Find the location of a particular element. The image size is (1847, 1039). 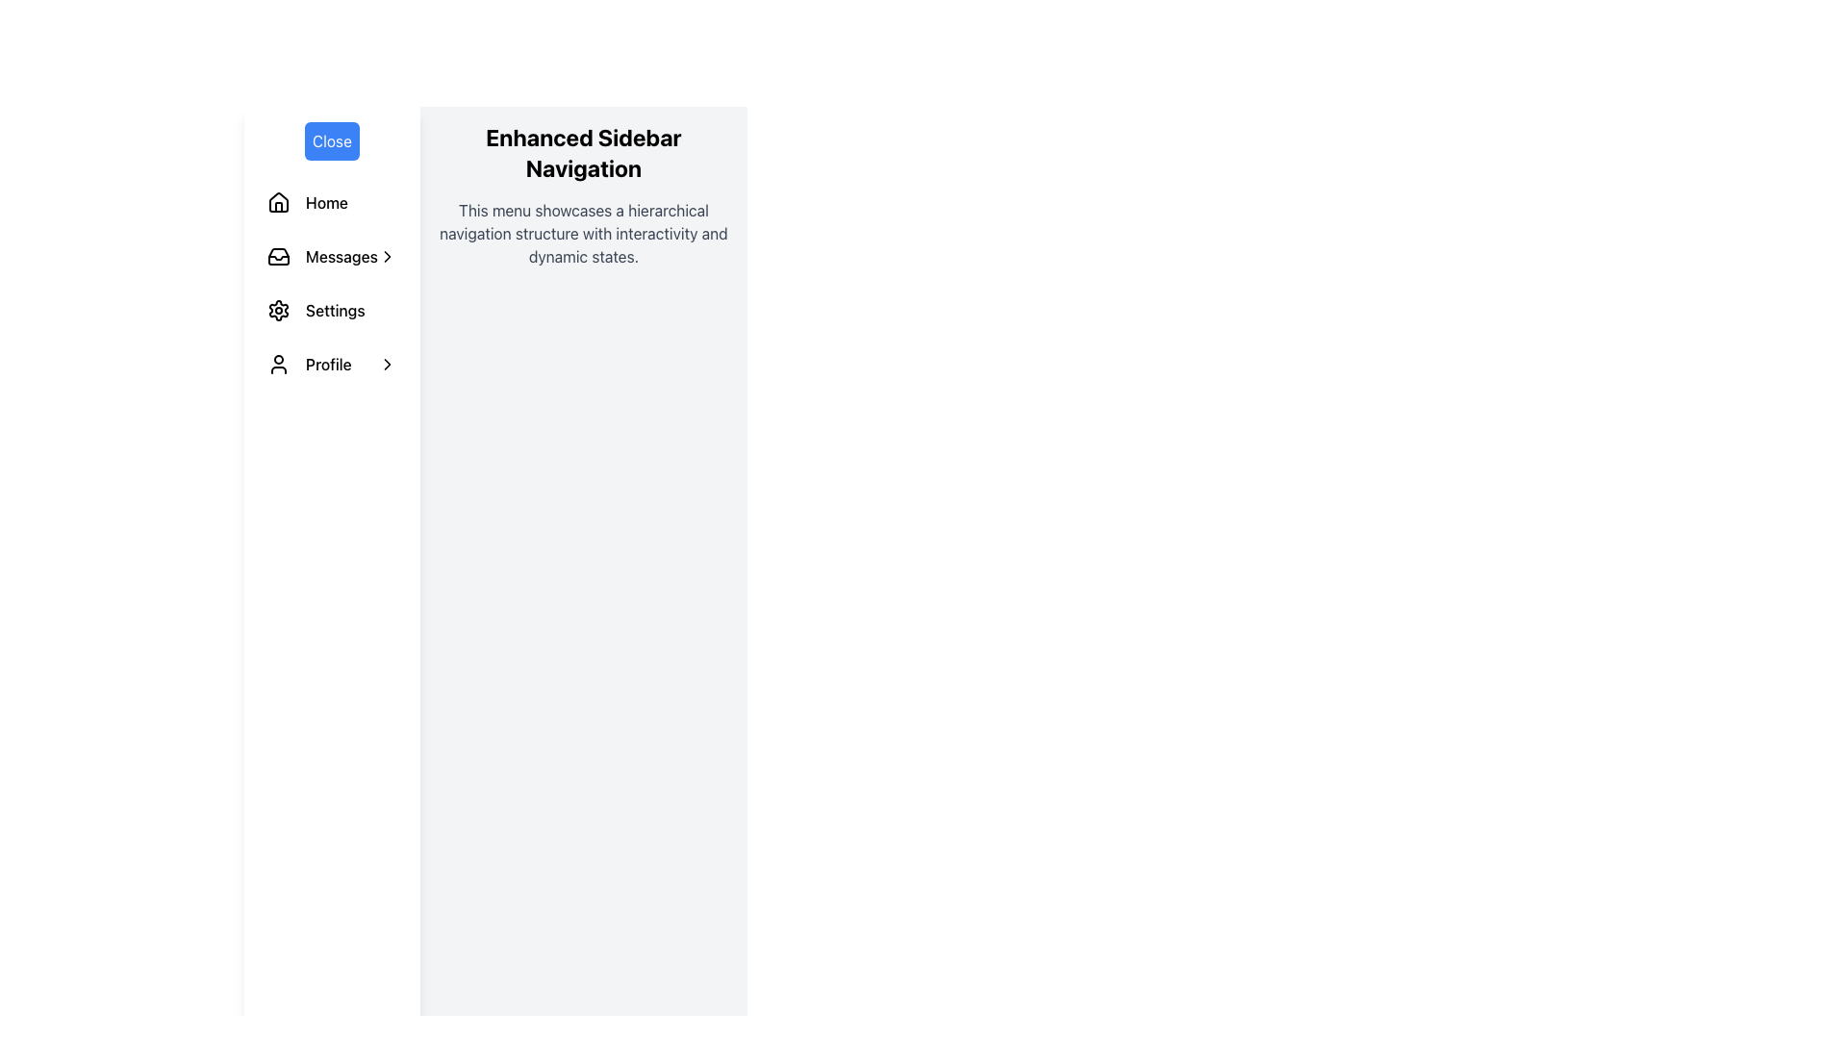

the inbox icon located in the navigation sidebar, which is positioned to the immediate left of the 'Messages' label is located at coordinates (277, 255).